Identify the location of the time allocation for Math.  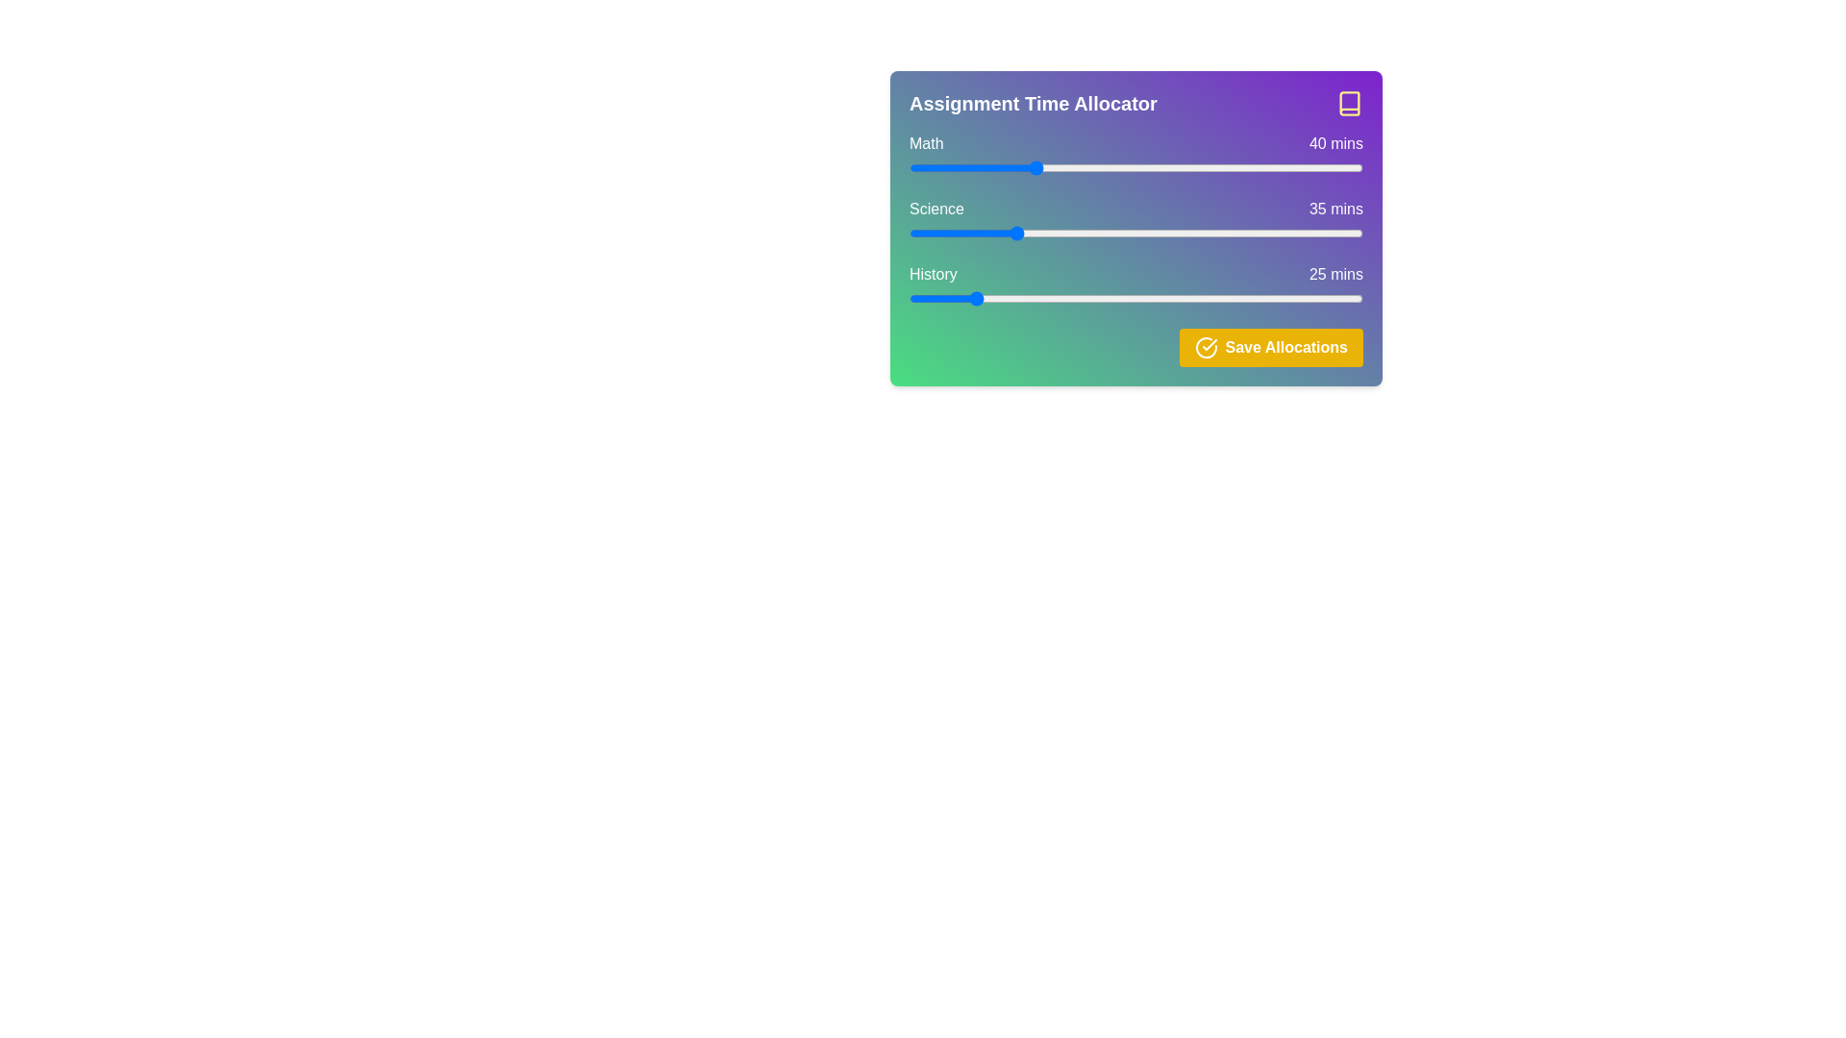
(984, 166).